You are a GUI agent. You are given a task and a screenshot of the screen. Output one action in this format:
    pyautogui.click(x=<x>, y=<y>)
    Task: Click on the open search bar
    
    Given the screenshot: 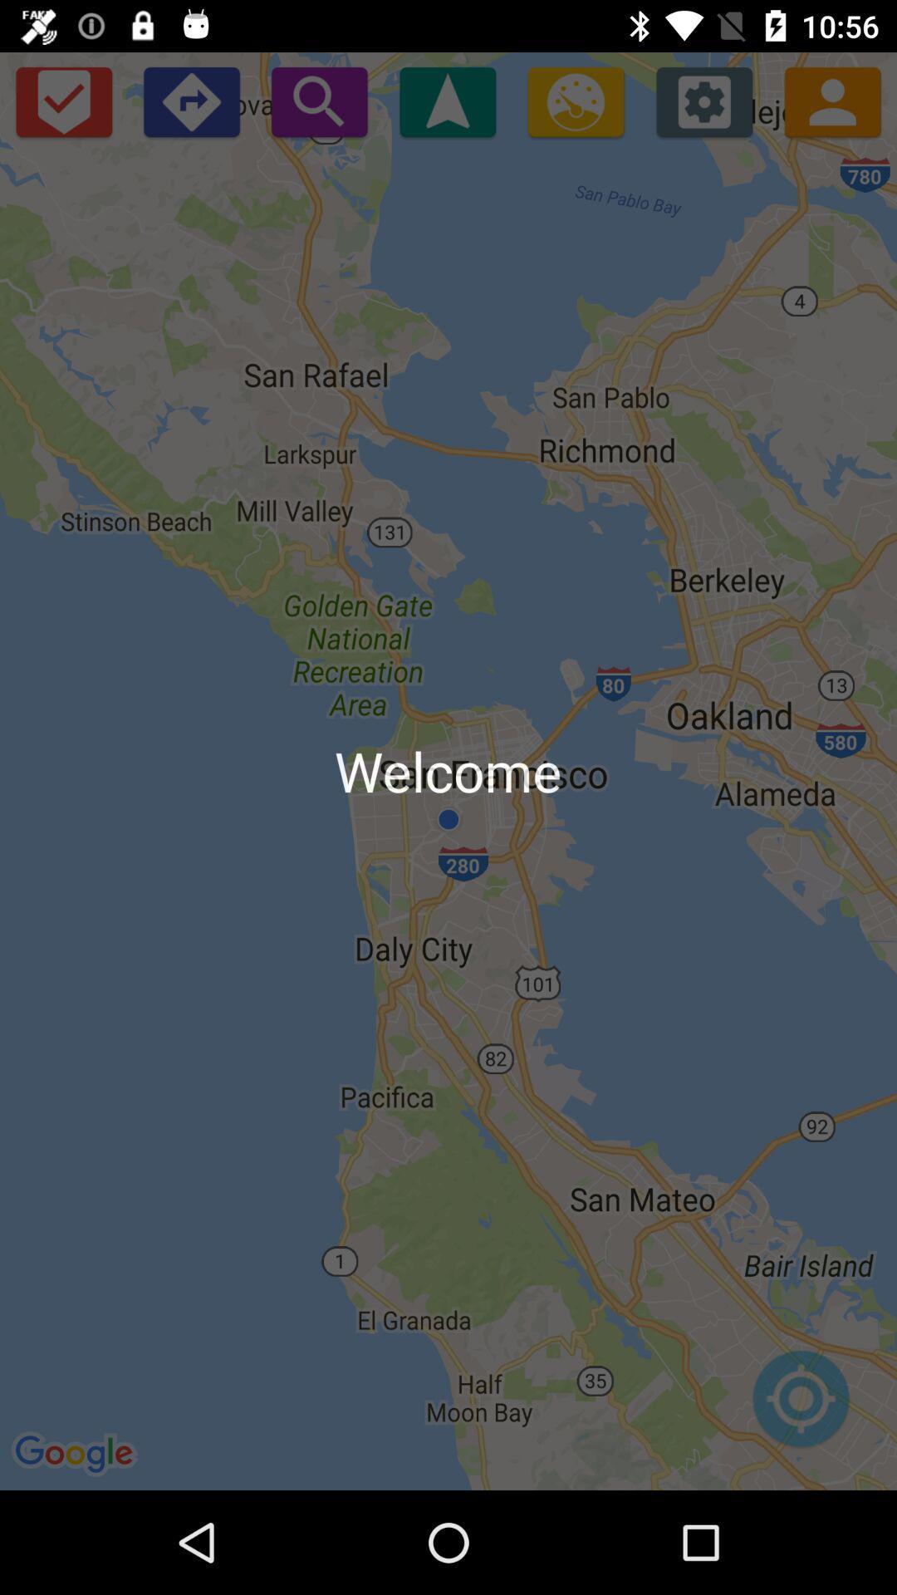 What is the action you would take?
    pyautogui.click(x=319, y=101)
    